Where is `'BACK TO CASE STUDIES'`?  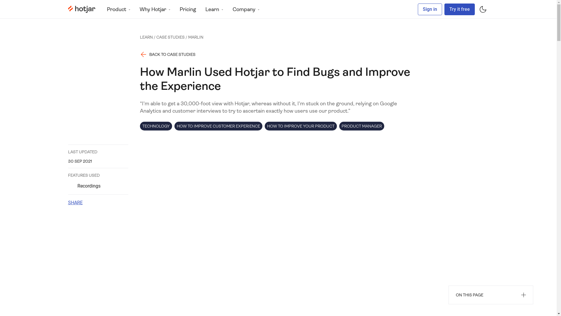
'BACK TO CASE STUDIES' is located at coordinates (167, 54).